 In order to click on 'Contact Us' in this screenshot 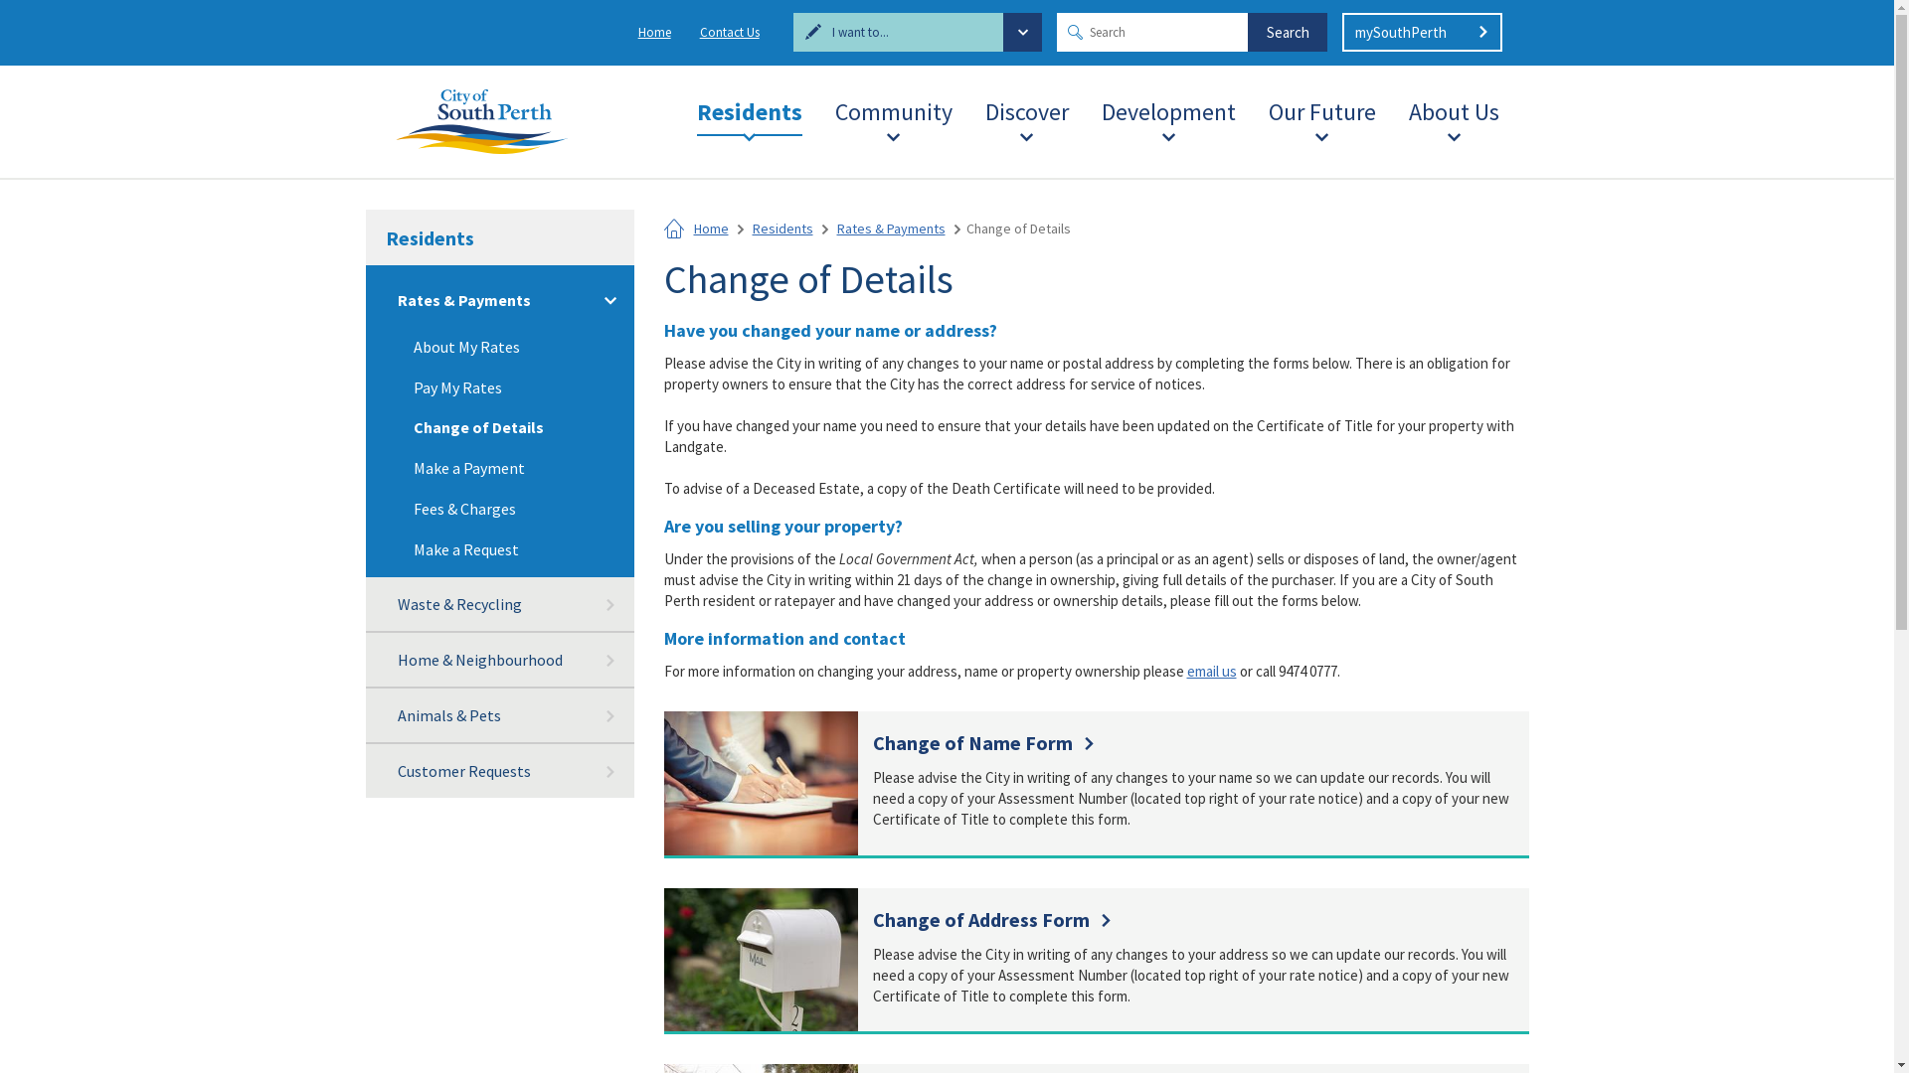, I will do `click(729, 32)`.